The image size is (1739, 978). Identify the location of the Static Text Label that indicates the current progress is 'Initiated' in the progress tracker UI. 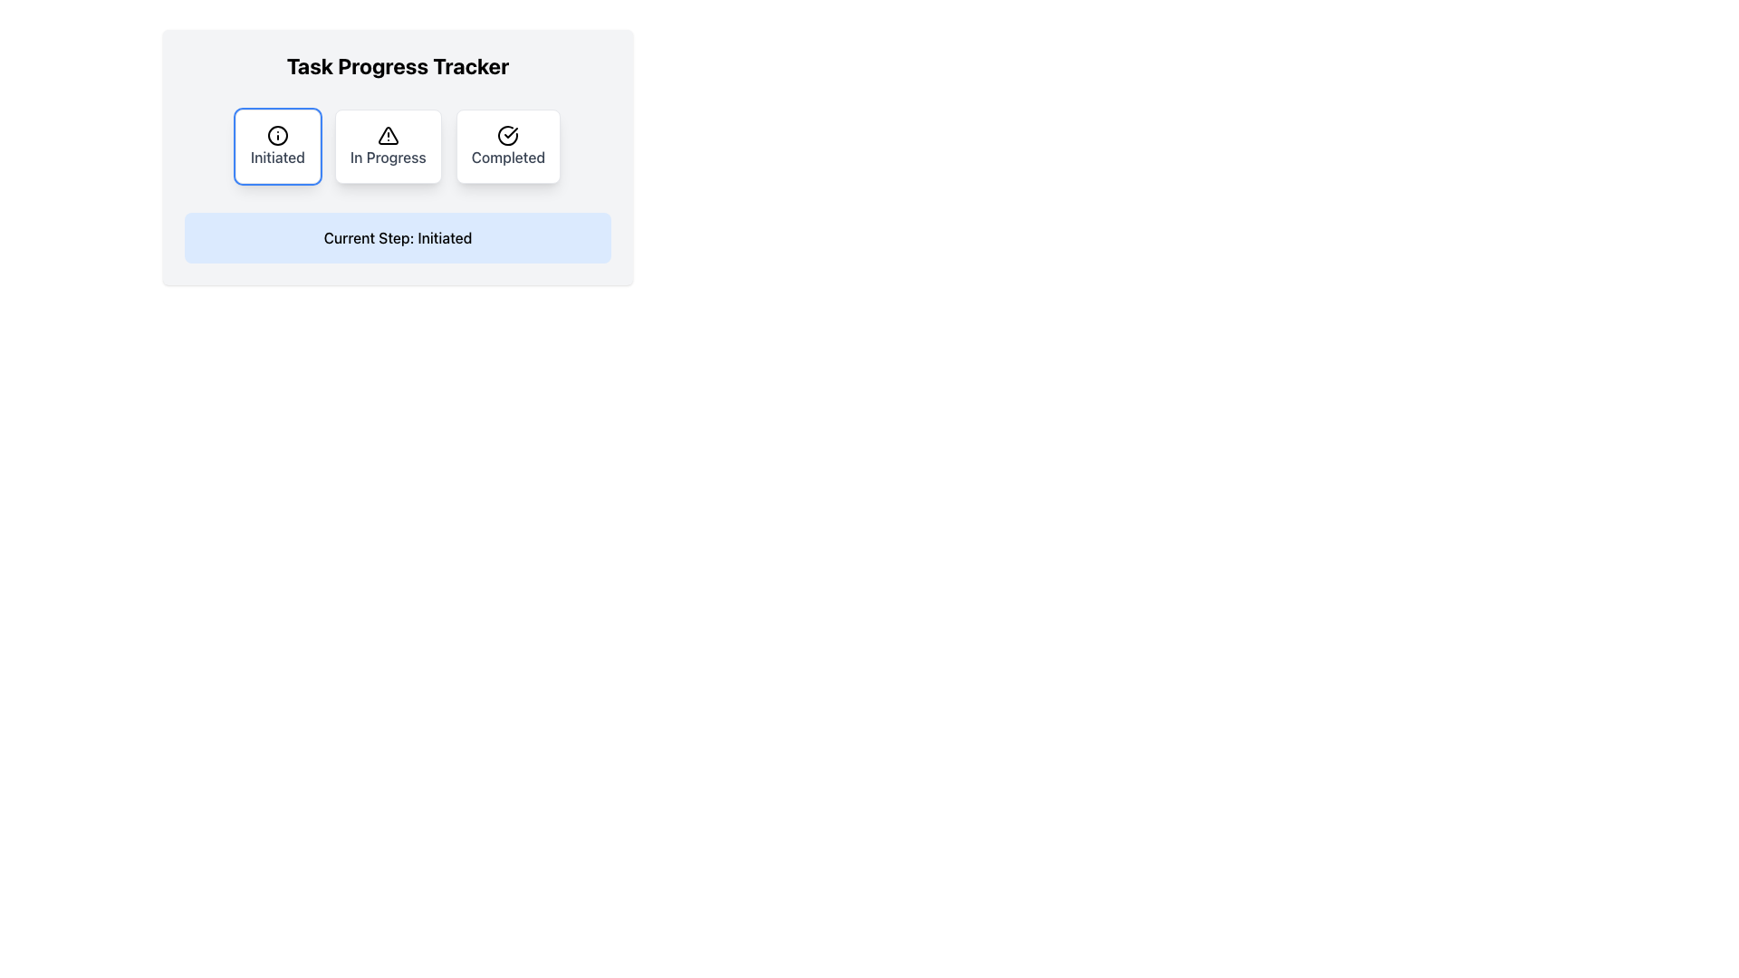
(397, 236).